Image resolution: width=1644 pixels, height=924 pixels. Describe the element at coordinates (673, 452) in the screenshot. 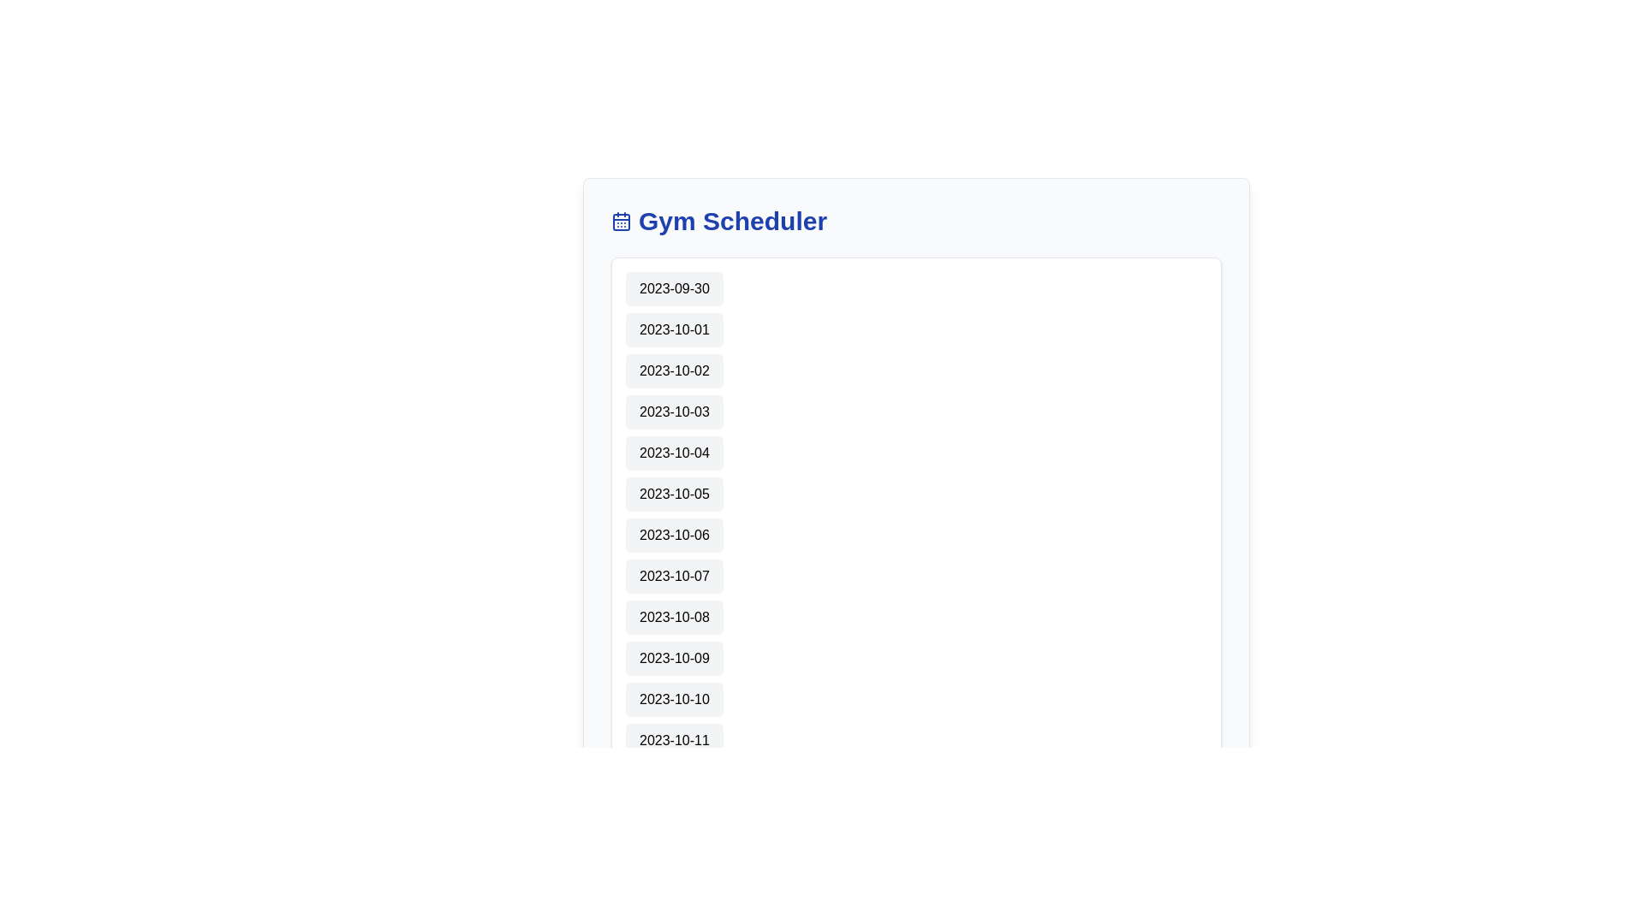

I see `the 5th date option button within the Gym Scheduler interface` at that location.